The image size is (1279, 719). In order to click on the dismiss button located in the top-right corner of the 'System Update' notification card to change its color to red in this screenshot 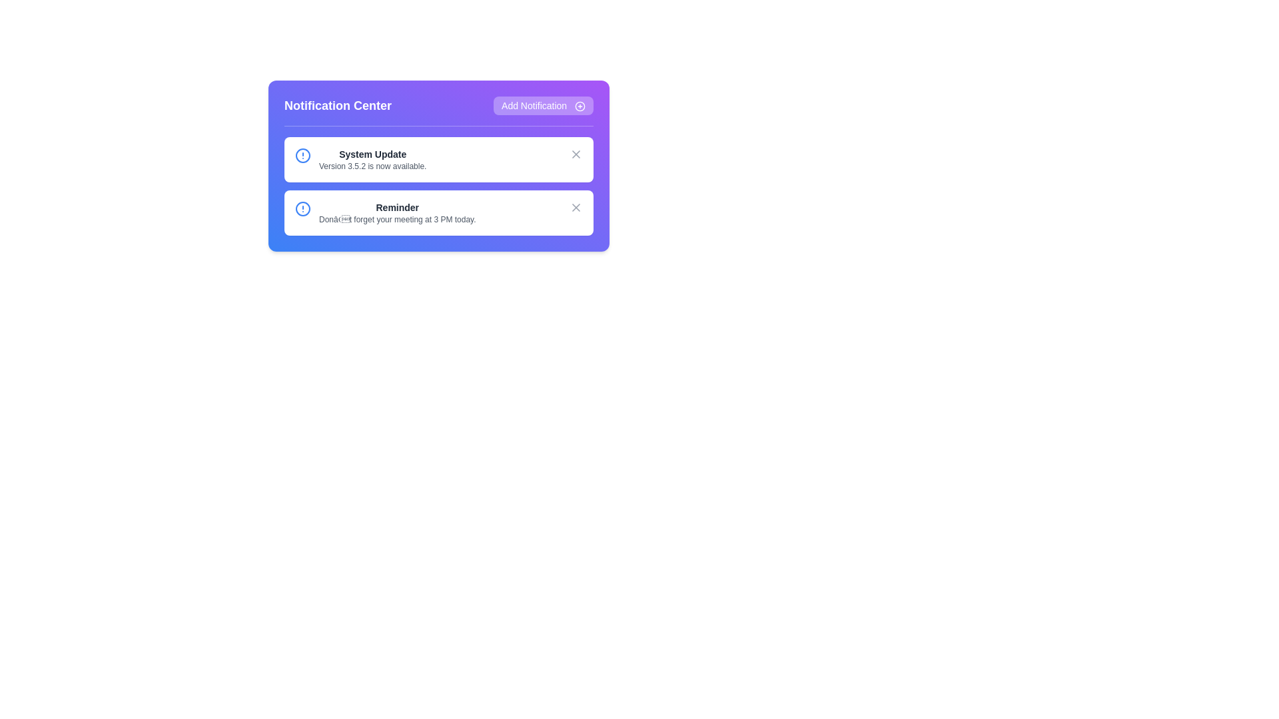, I will do `click(576, 153)`.